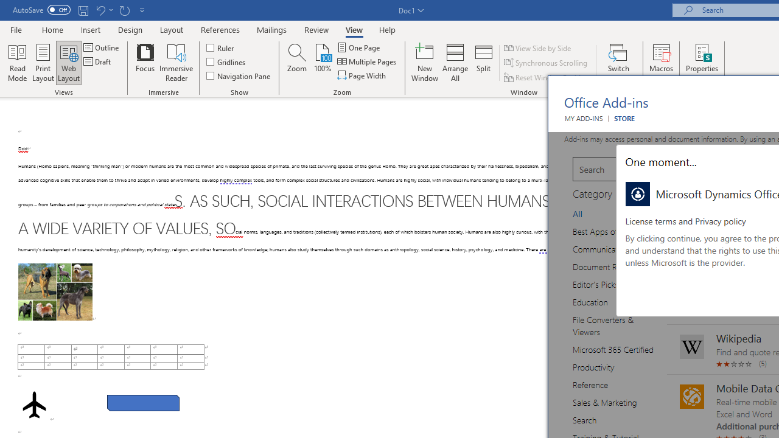 The image size is (779, 438). Describe the element at coordinates (103, 10) in the screenshot. I see `'Undo Paragraph Alignment'` at that location.